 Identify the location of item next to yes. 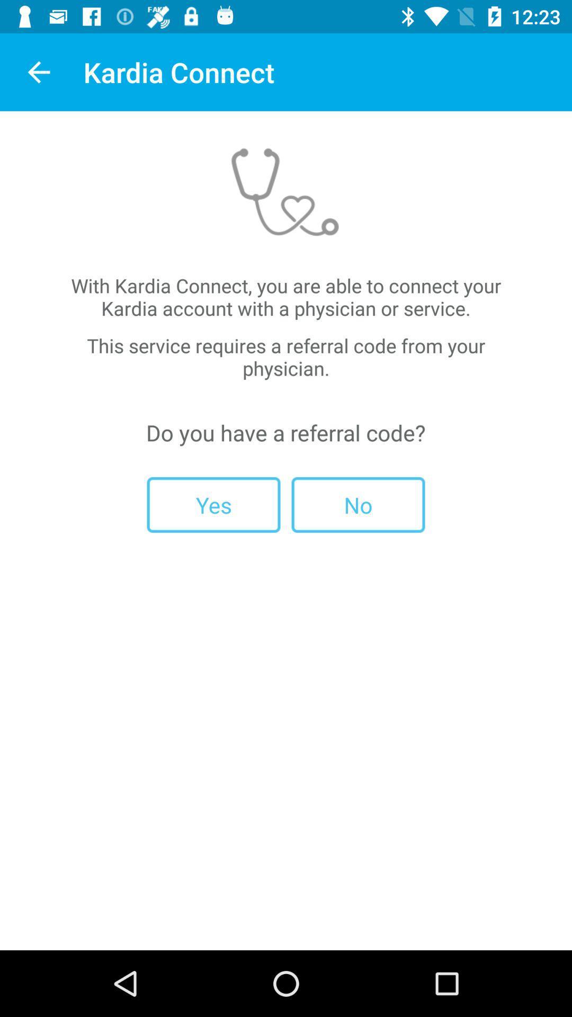
(358, 504).